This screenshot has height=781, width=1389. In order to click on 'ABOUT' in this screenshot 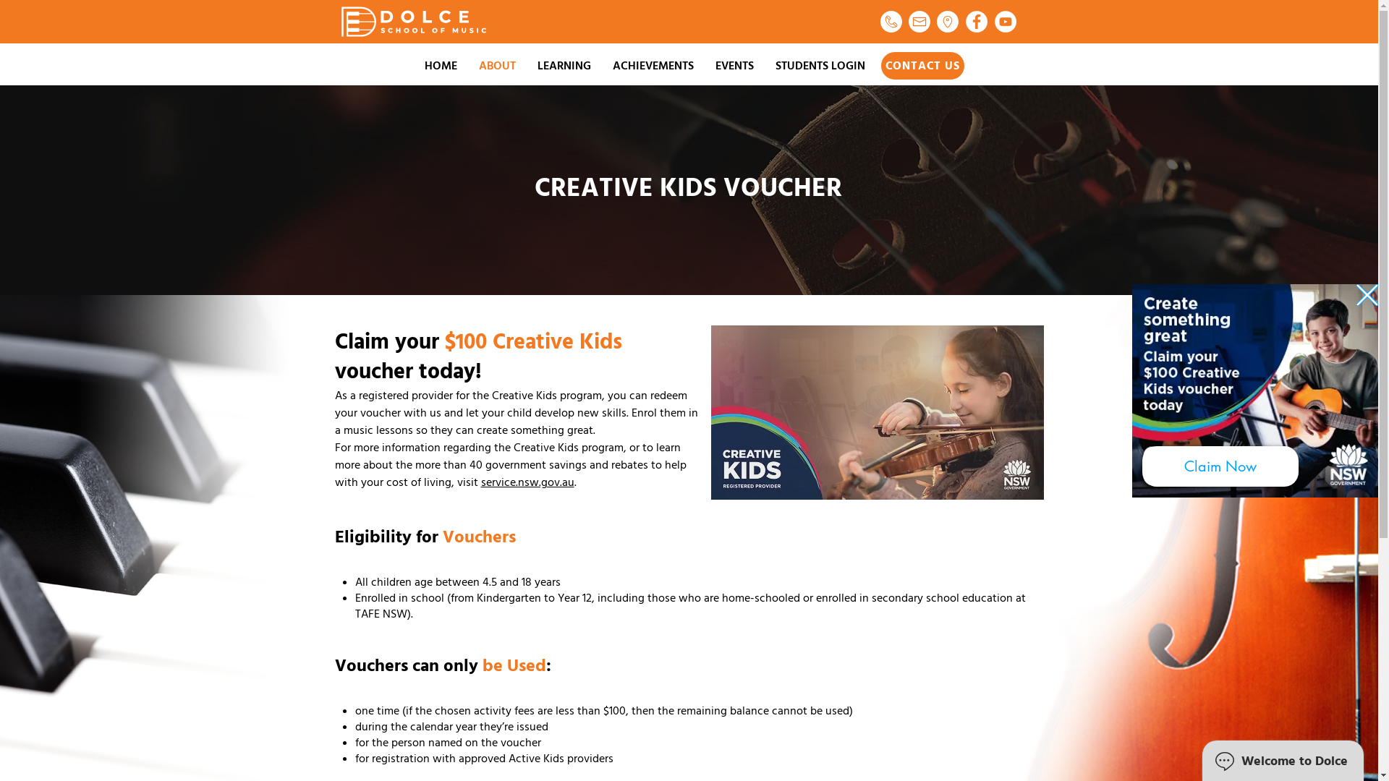, I will do `click(496, 66)`.